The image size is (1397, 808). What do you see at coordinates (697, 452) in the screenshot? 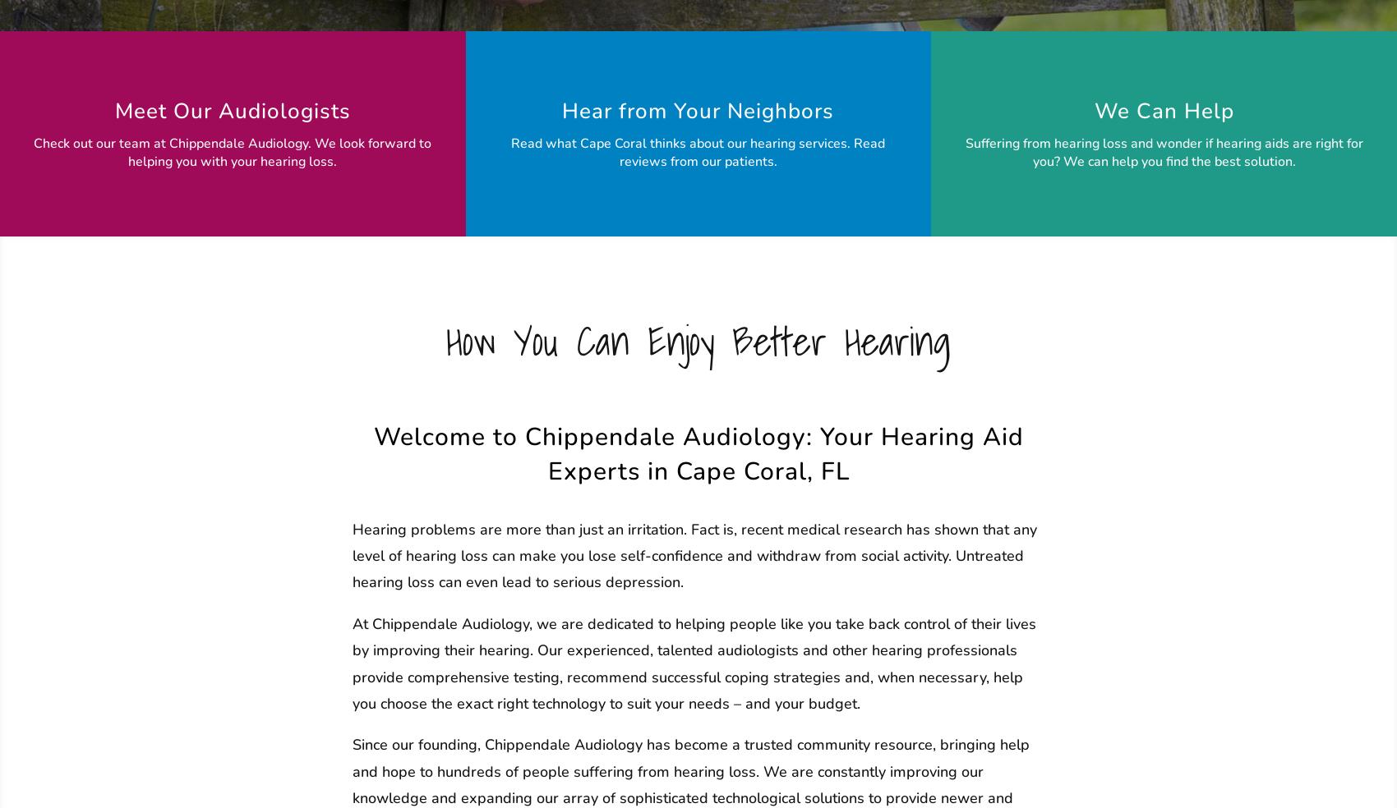
I see `'Welcome to Chippendale Audiology: Your Hearing Aid Experts in Cape Coral, FL'` at bounding box center [697, 452].